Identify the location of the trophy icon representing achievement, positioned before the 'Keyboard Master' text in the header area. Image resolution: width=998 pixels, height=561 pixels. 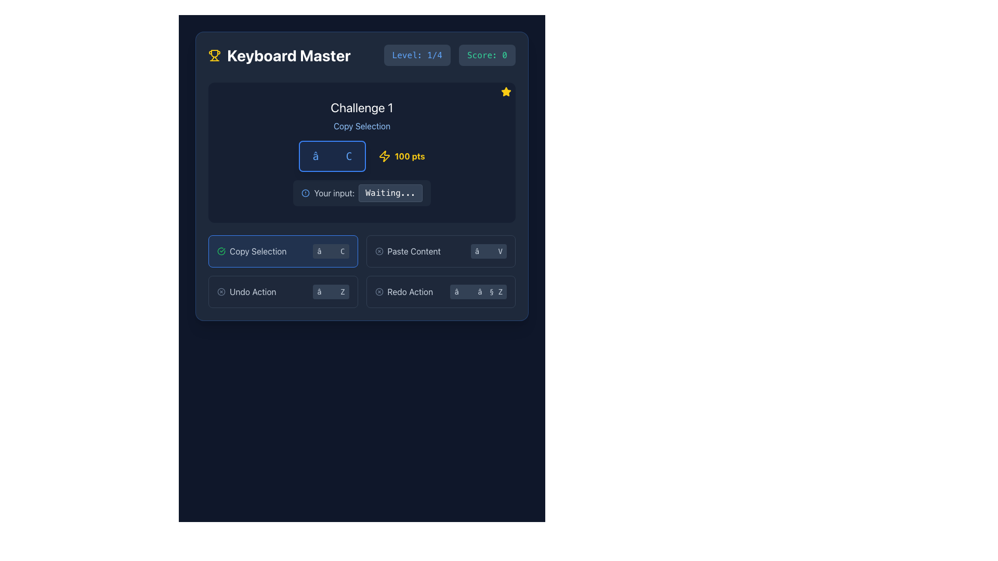
(214, 55).